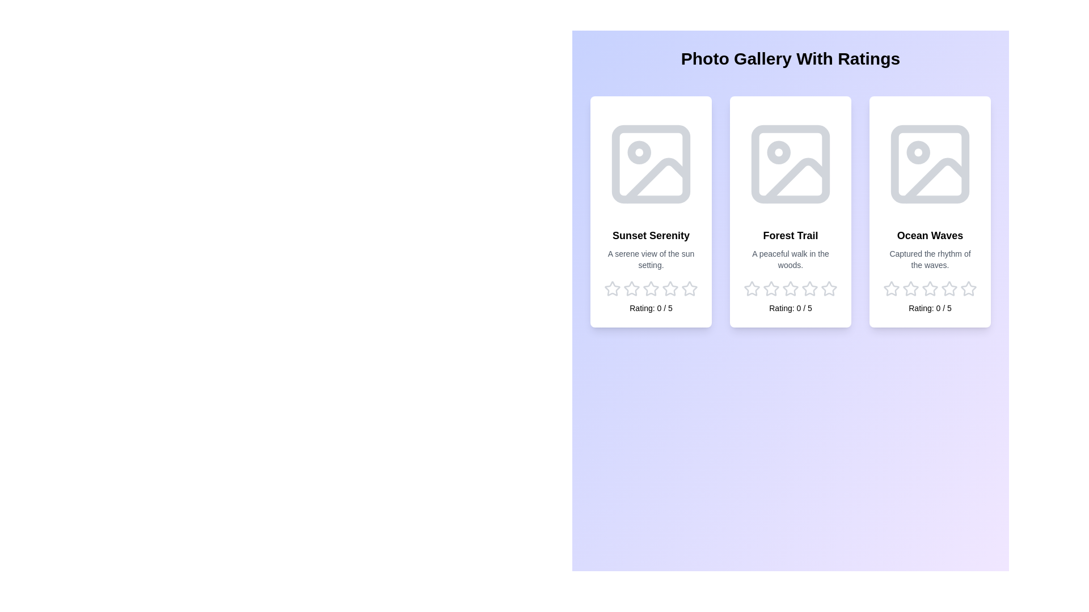 The height and width of the screenshot is (612, 1089). I want to click on the star corresponding to the rating 3 for the image Sunset Serenity, so click(651, 288).